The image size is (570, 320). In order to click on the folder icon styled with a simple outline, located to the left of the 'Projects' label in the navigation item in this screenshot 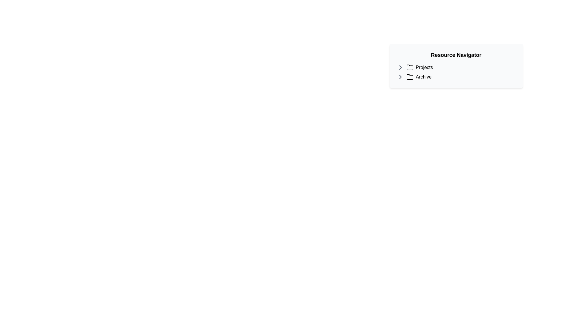, I will do `click(409, 67)`.